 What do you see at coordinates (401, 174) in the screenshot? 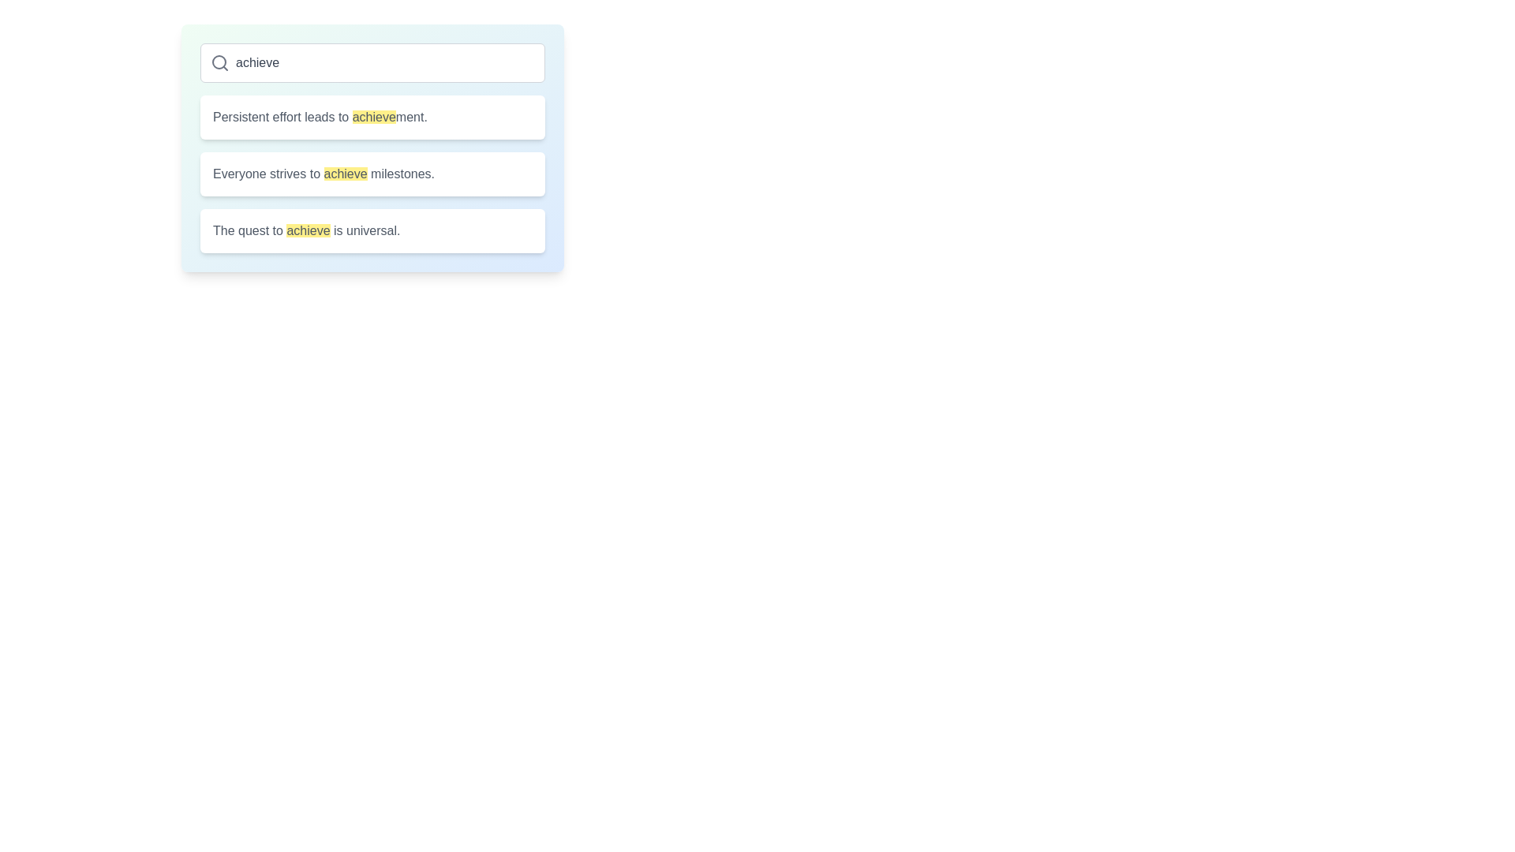
I see `static text fragment displaying the word 'milestones.' which is part of a sentence in the second text block of a vertical list` at bounding box center [401, 174].